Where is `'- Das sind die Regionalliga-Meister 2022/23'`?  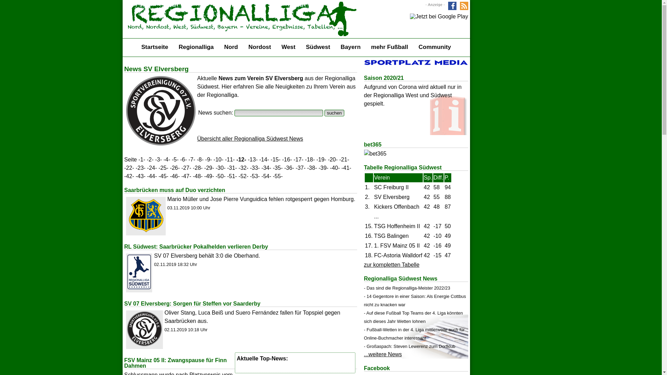 '- Das sind die Regionalliga-Meister 2022/23' is located at coordinates (407, 288).